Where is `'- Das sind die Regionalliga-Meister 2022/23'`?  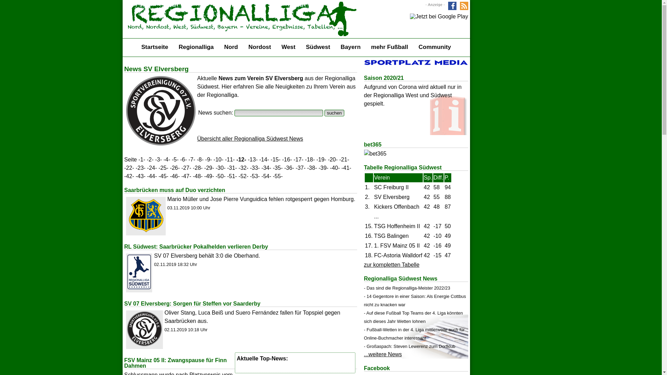 '- Das sind die Regionalliga-Meister 2022/23' is located at coordinates (407, 288).